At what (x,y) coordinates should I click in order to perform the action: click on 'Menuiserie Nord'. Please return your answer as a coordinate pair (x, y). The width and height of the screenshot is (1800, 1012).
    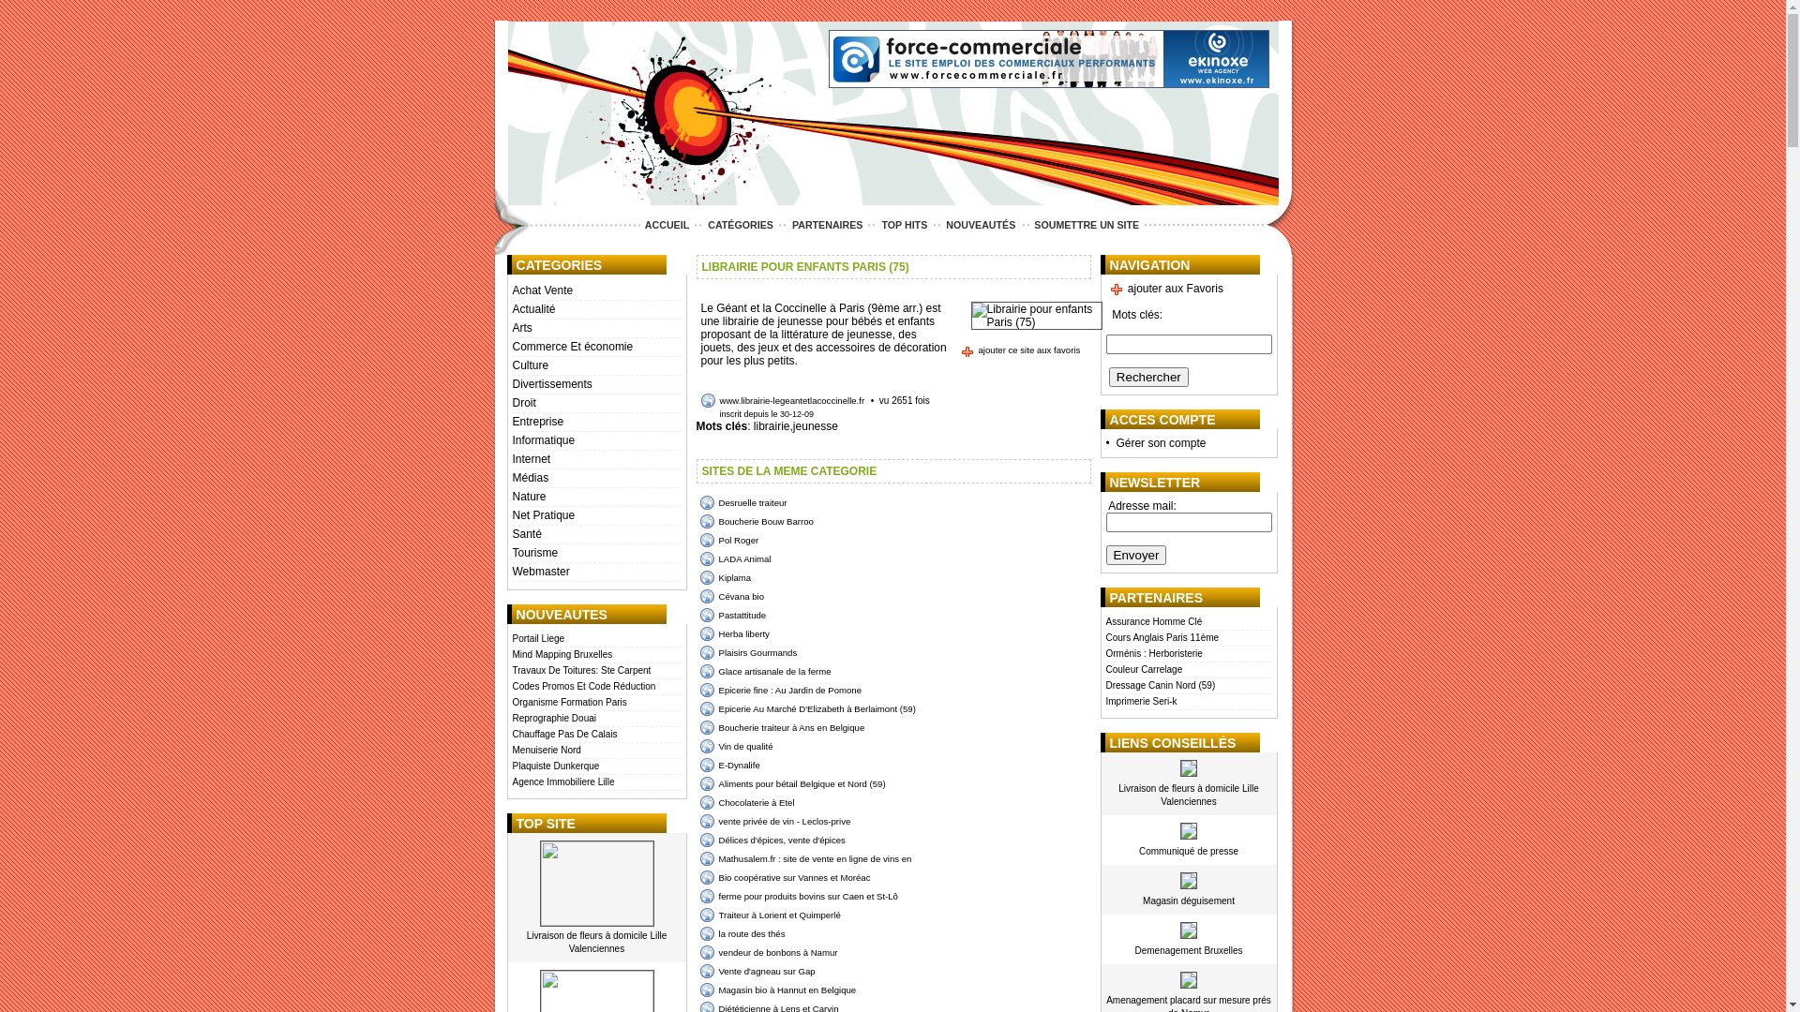
    Looking at the image, I should click on (594, 750).